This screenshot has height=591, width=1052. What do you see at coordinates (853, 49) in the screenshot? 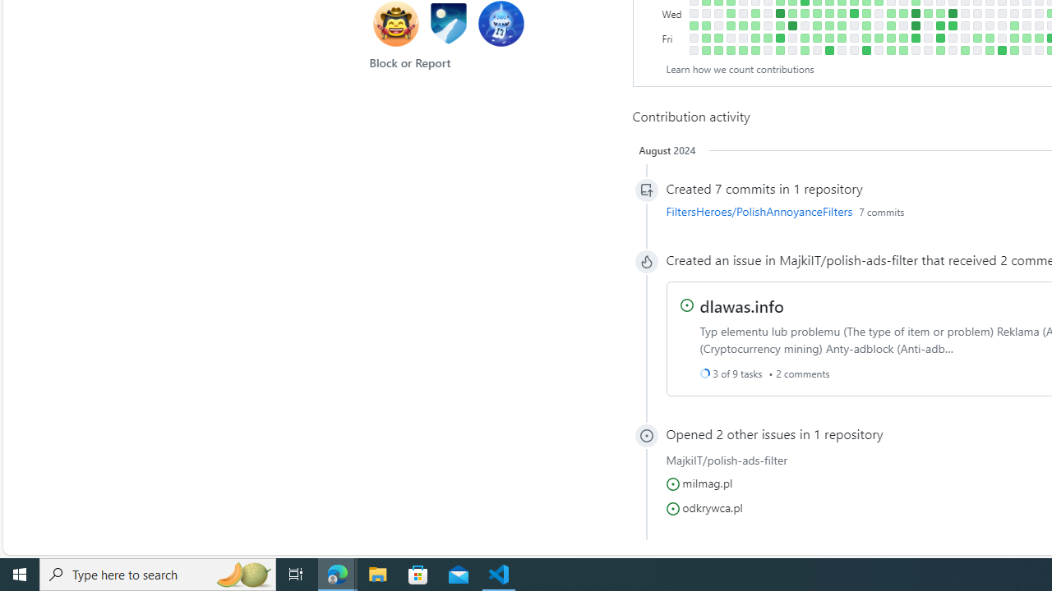
I see `'No contributions on November 25th.'` at bounding box center [853, 49].